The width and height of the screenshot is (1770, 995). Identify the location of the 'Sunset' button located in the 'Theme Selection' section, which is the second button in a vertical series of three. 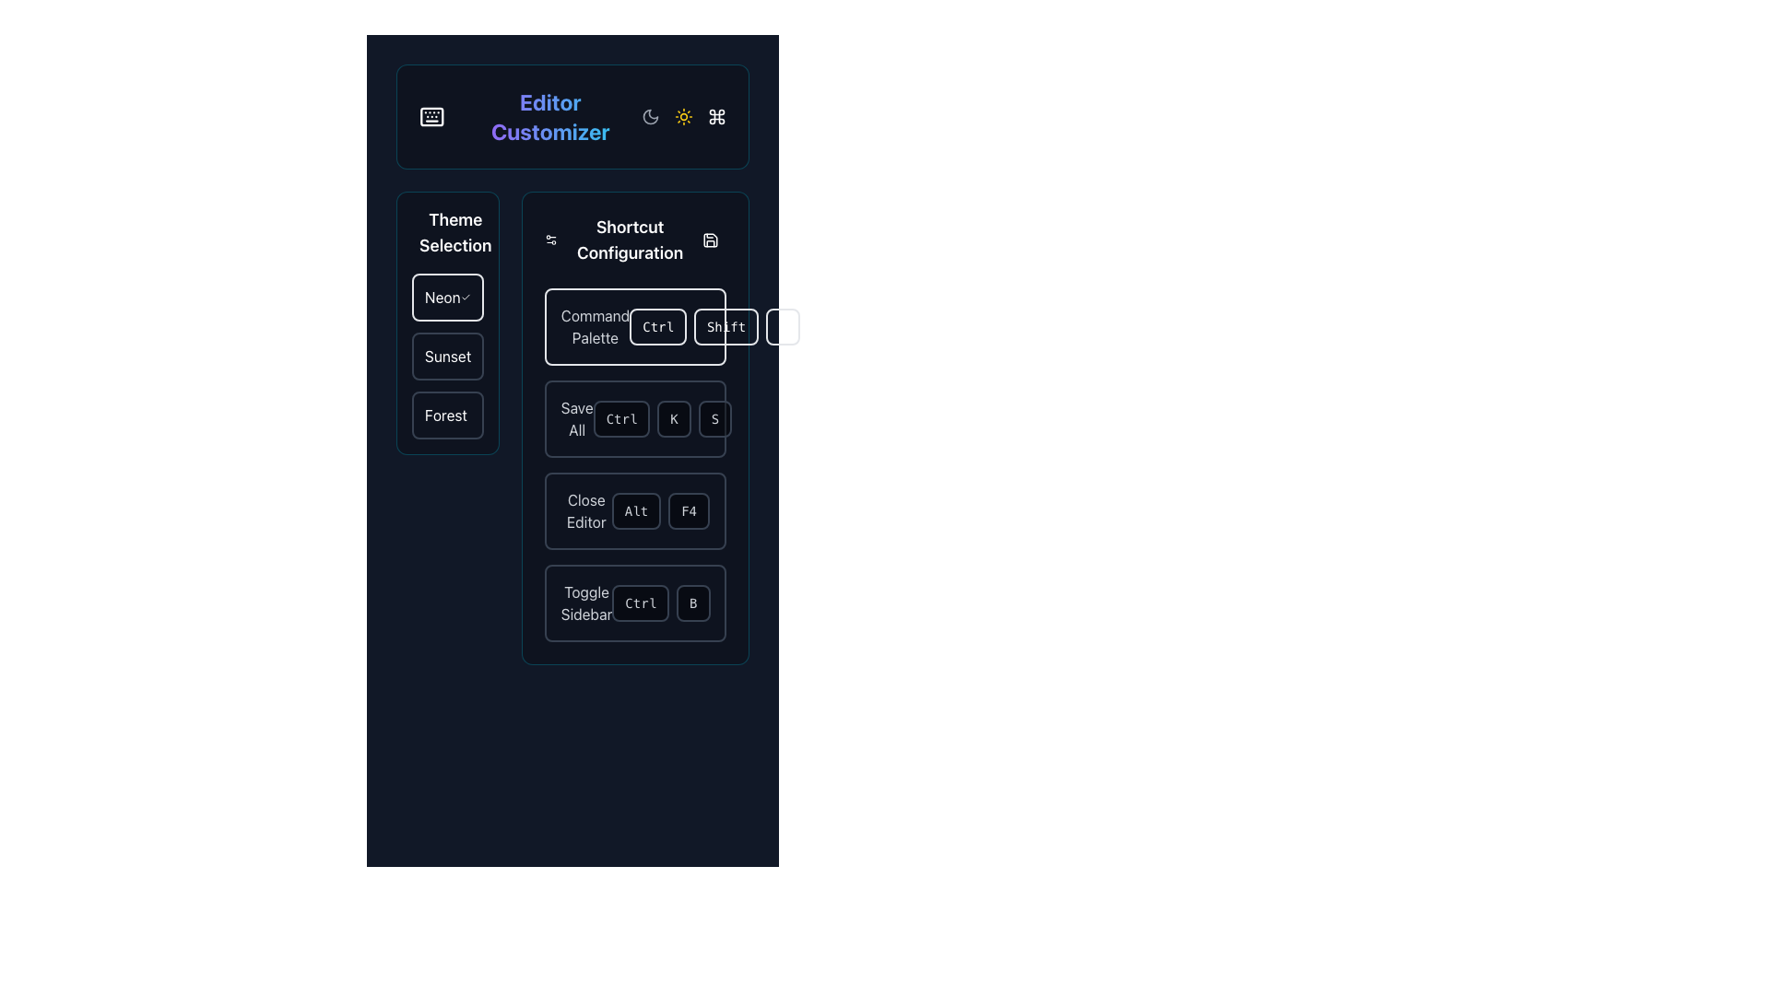
(447, 356).